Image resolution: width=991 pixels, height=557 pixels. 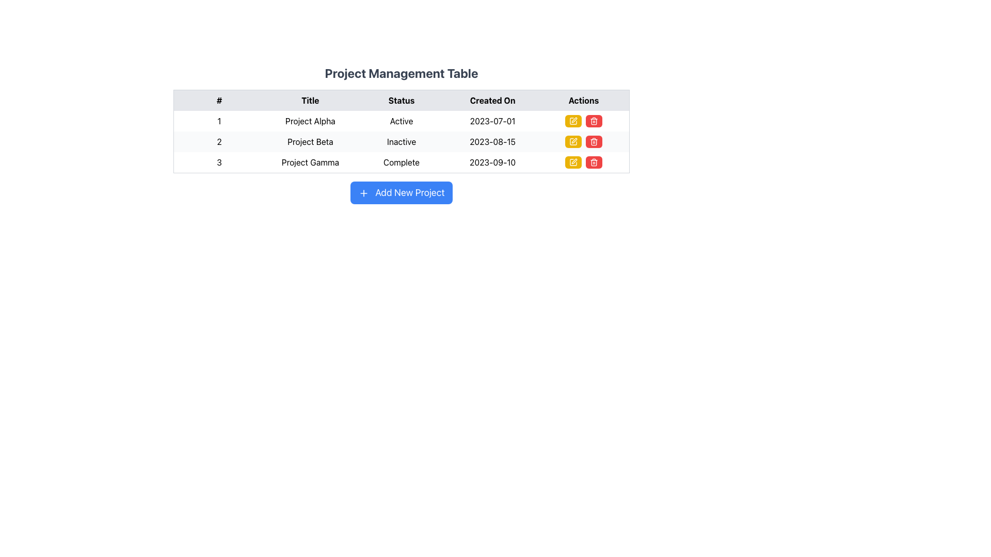 I want to click on the 'Add New Project' button with a blue background and rounded corners located at the bottom of the projects table, so click(x=401, y=193).